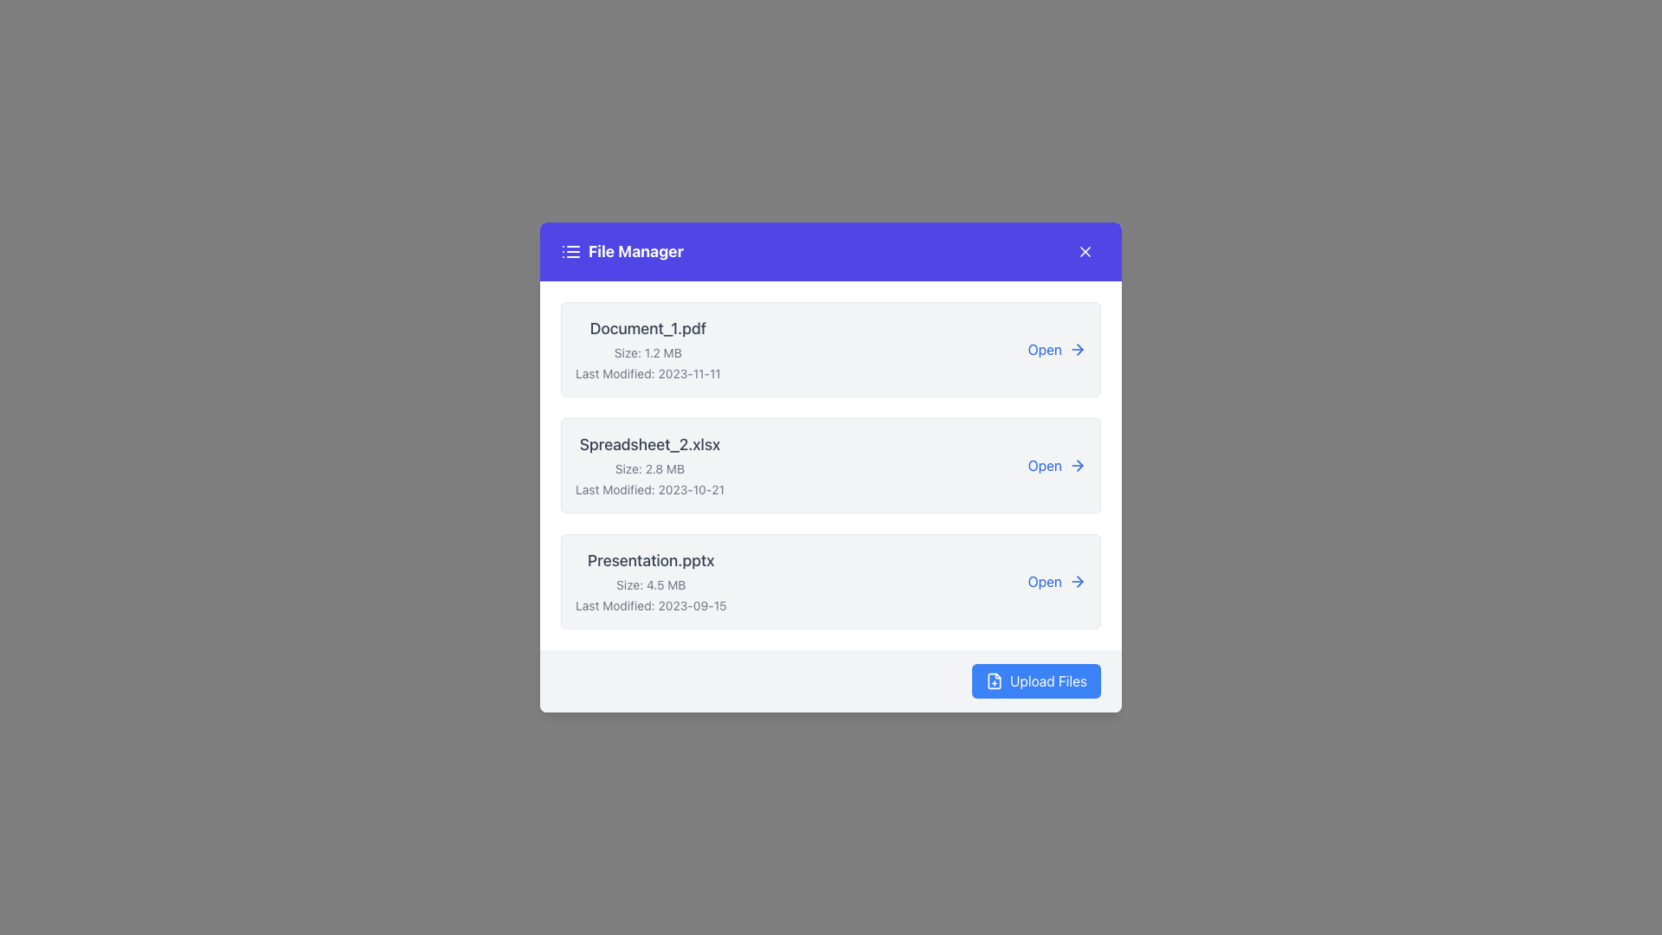 This screenshot has width=1662, height=935. What do you see at coordinates (1076, 464) in the screenshot?
I see `the right-pointing arrow icon next to the 'Open' label in the file list interface` at bounding box center [1076, 464].